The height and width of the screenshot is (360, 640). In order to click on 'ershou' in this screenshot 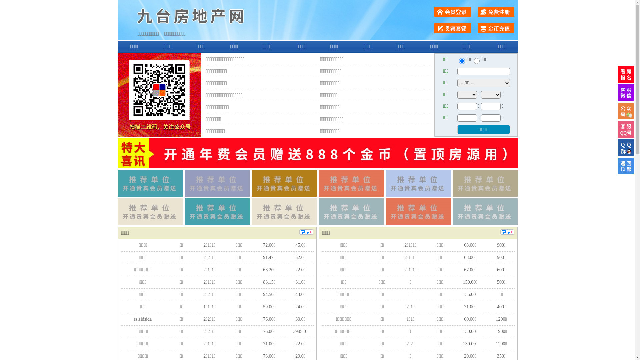, I will do `click(461, 61)`.